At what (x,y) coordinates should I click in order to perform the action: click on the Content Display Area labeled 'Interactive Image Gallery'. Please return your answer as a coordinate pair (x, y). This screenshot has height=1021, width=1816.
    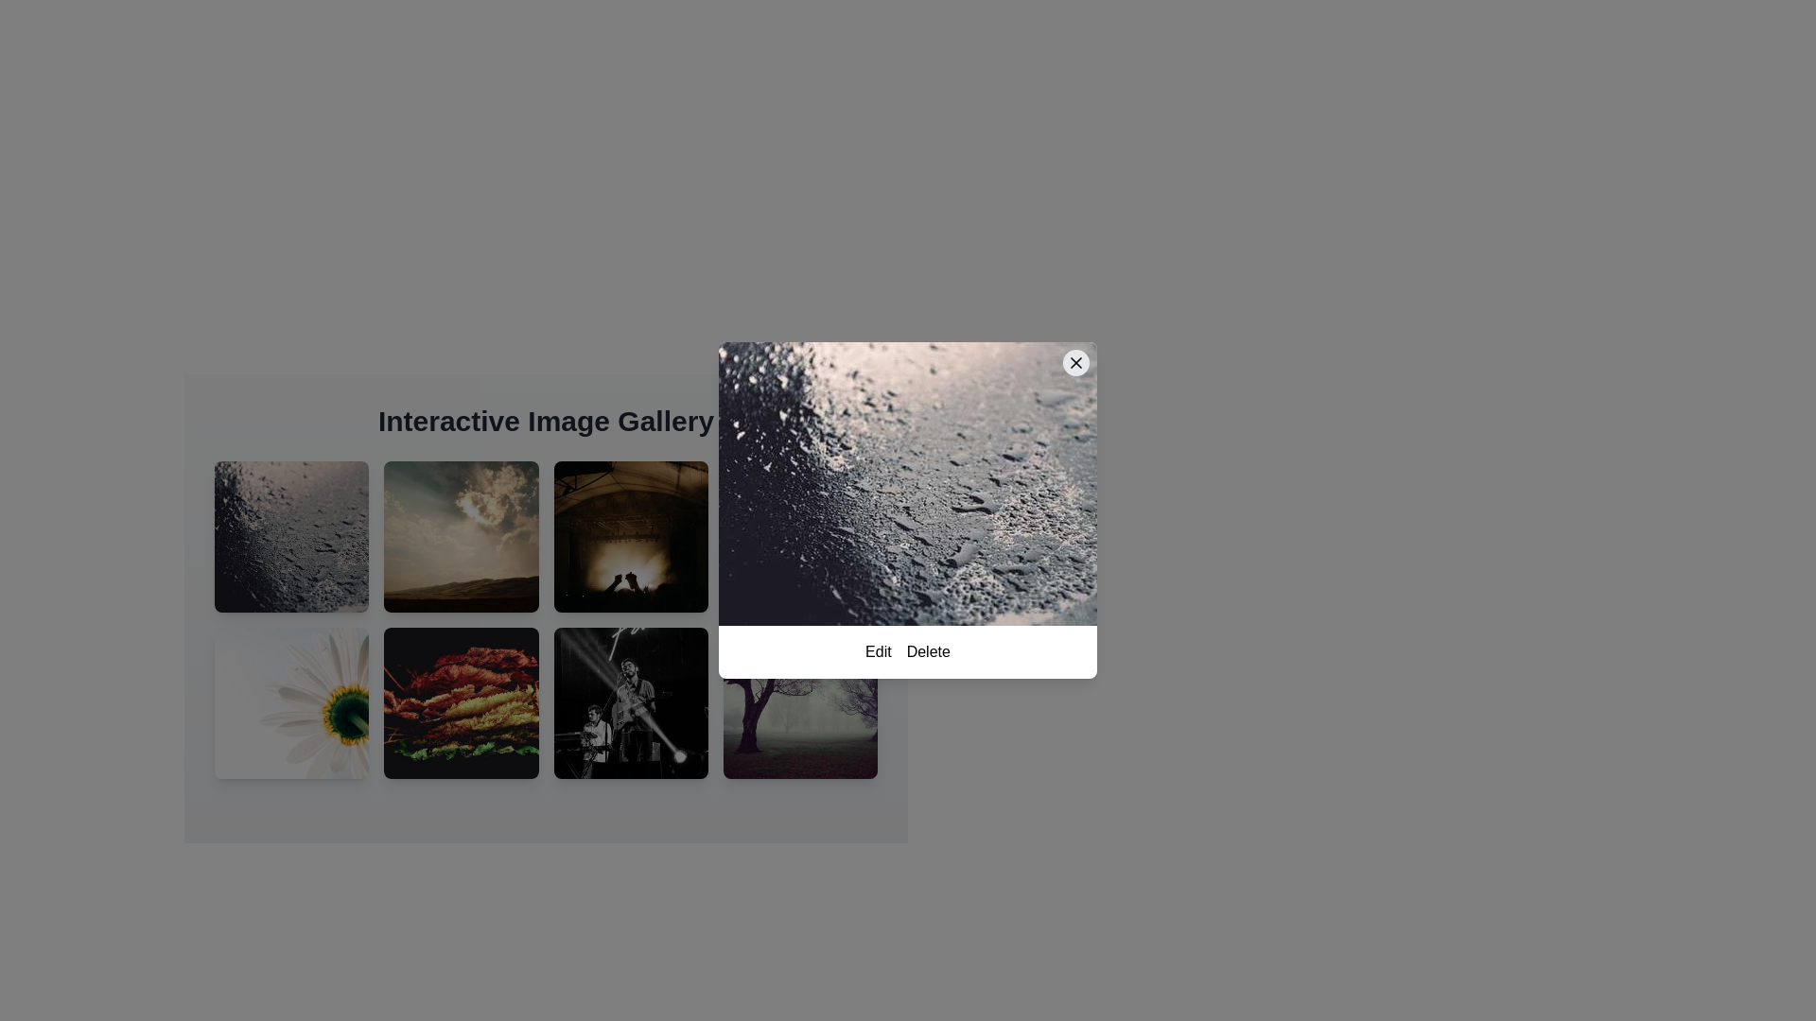
    Looking at the image, I should click on (545, 597).